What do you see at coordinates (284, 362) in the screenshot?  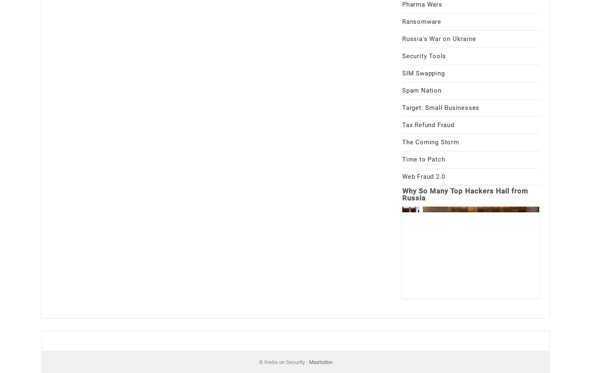 I see `'© Krebs on Security -'` at bounding box center [284, 362].